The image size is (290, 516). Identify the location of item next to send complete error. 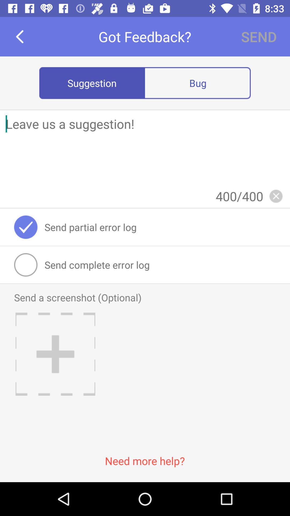
(26, 265).